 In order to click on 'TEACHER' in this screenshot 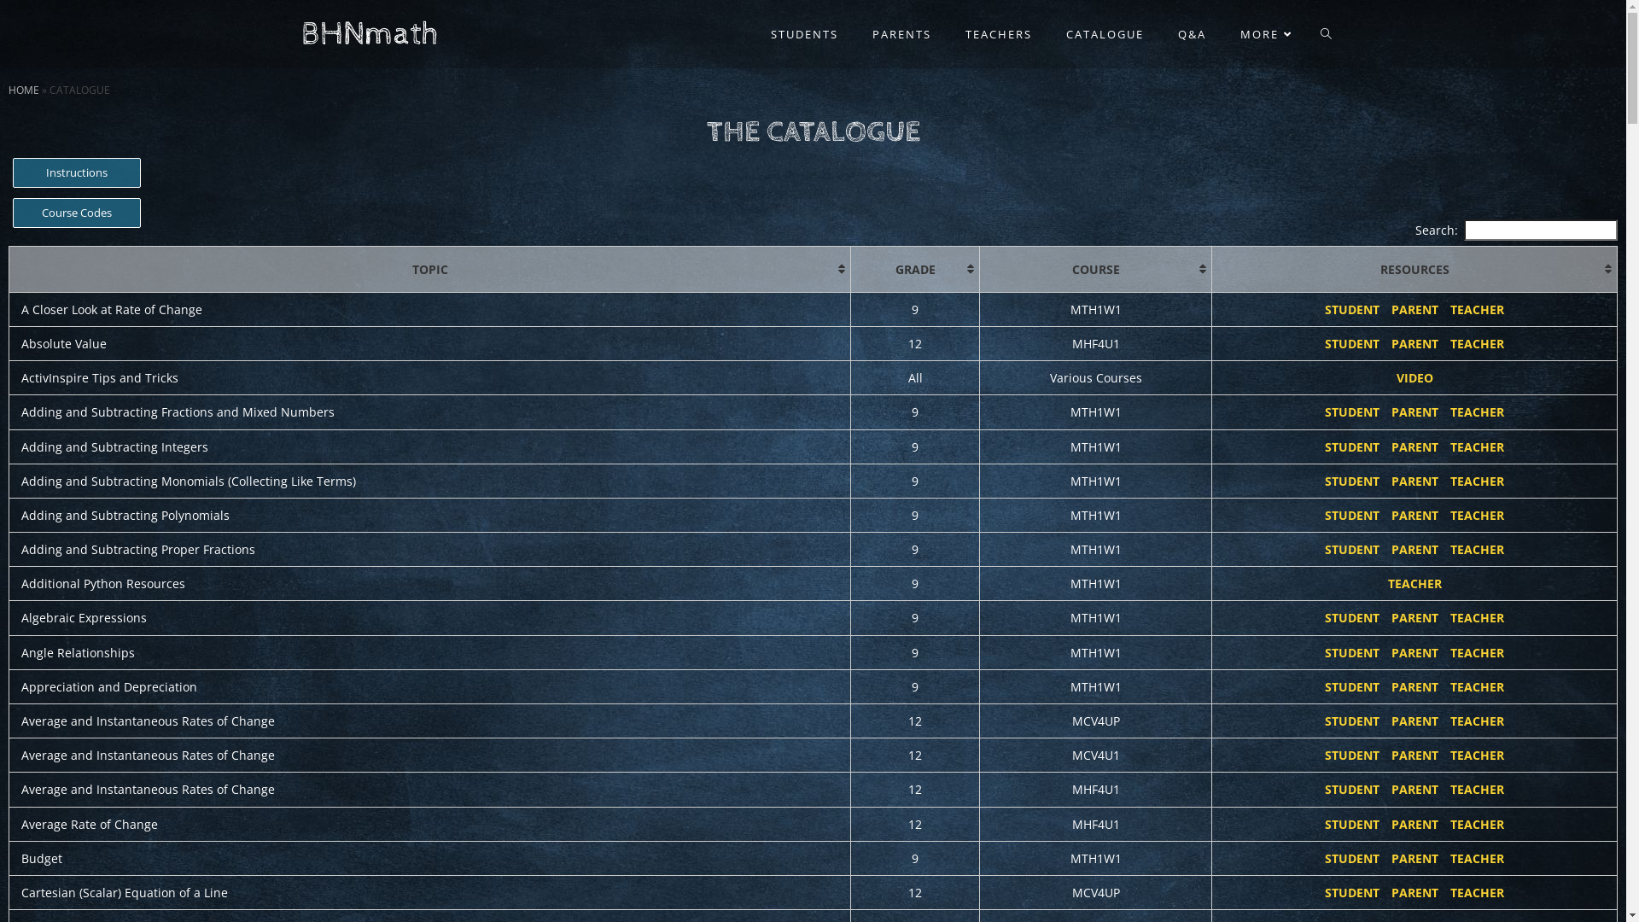, I will do `click(1476, 343)`.